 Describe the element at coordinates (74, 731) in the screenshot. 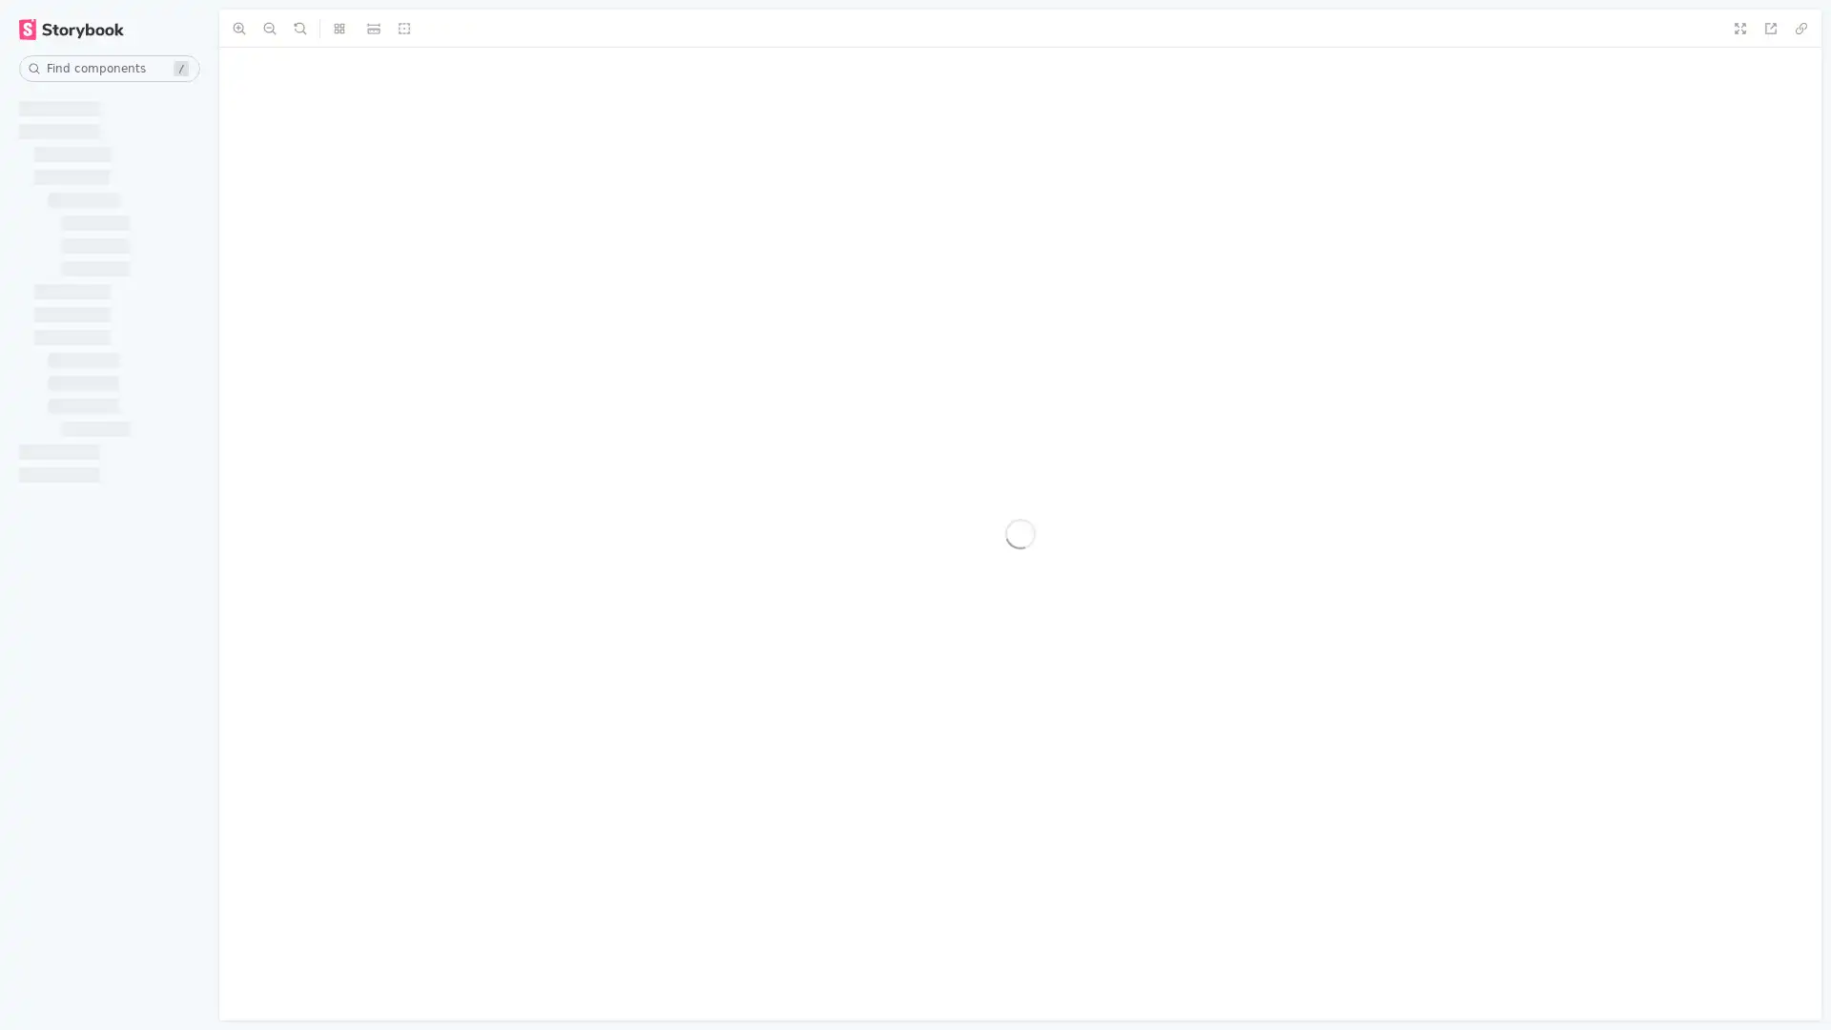

I see `INTERNAL API` at that location.